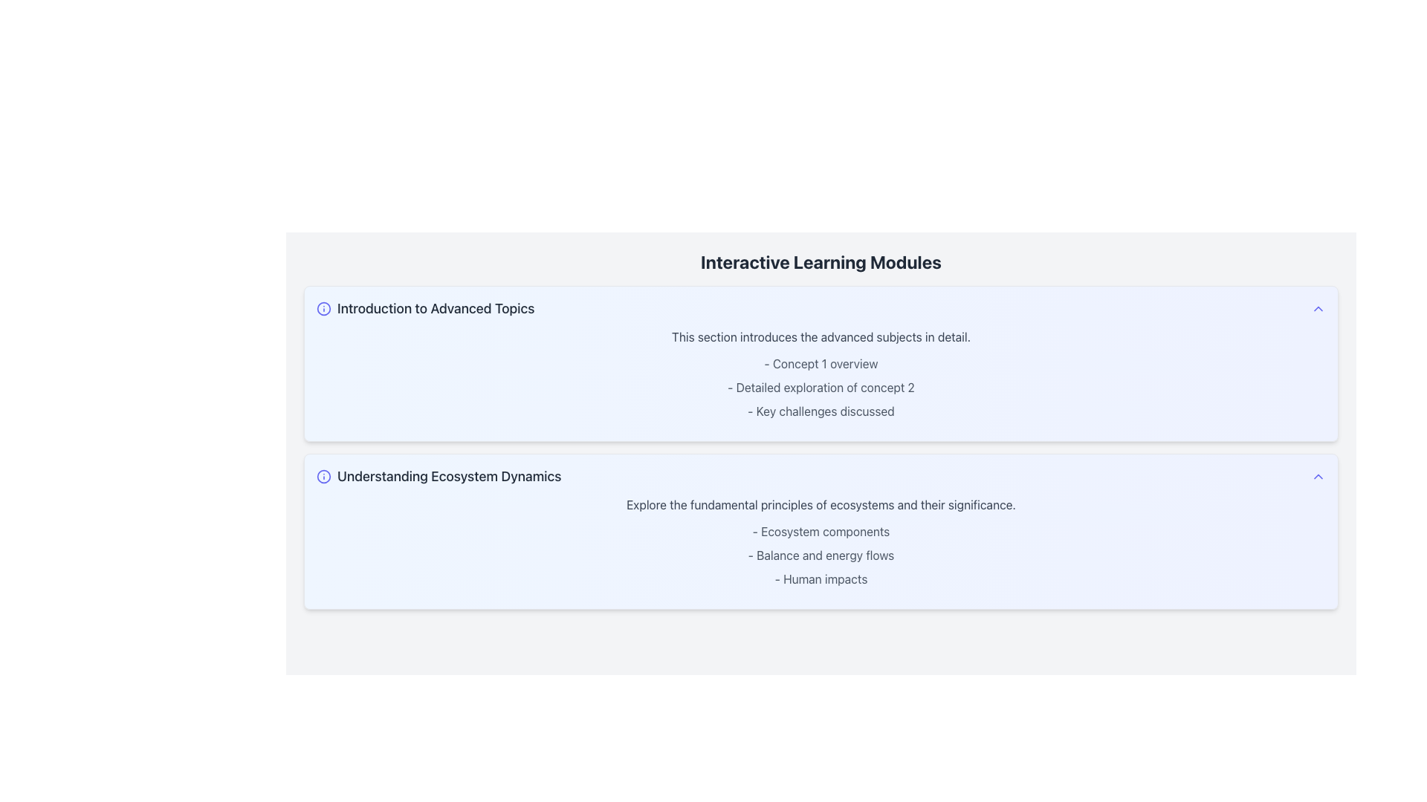 The image size is (1427, 802). I want to click on the second bullet point in the list under the section 'Introduction to Advanced Topics', which displays the text '- Detailed exploration of concept 2', so click(820, 386).